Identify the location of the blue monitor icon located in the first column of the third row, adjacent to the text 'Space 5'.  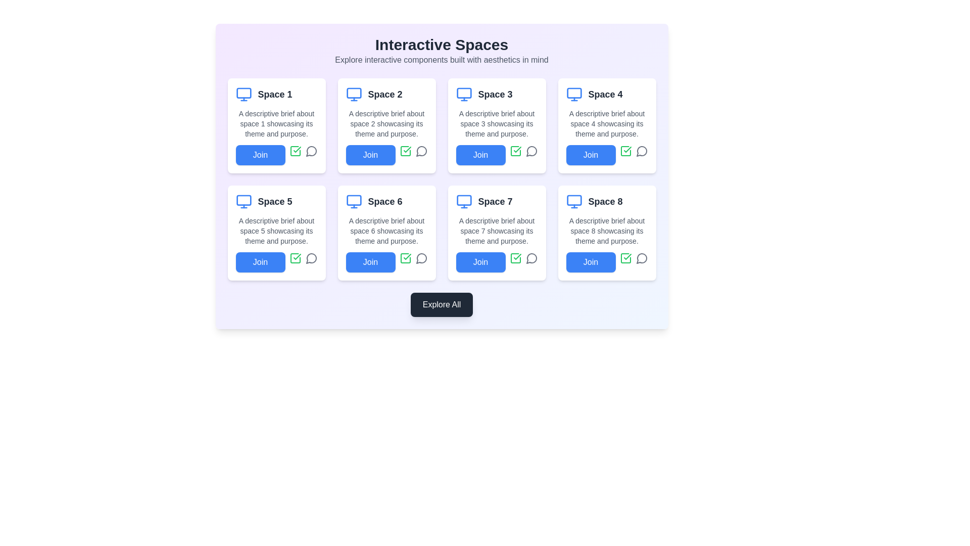
(244, 201).